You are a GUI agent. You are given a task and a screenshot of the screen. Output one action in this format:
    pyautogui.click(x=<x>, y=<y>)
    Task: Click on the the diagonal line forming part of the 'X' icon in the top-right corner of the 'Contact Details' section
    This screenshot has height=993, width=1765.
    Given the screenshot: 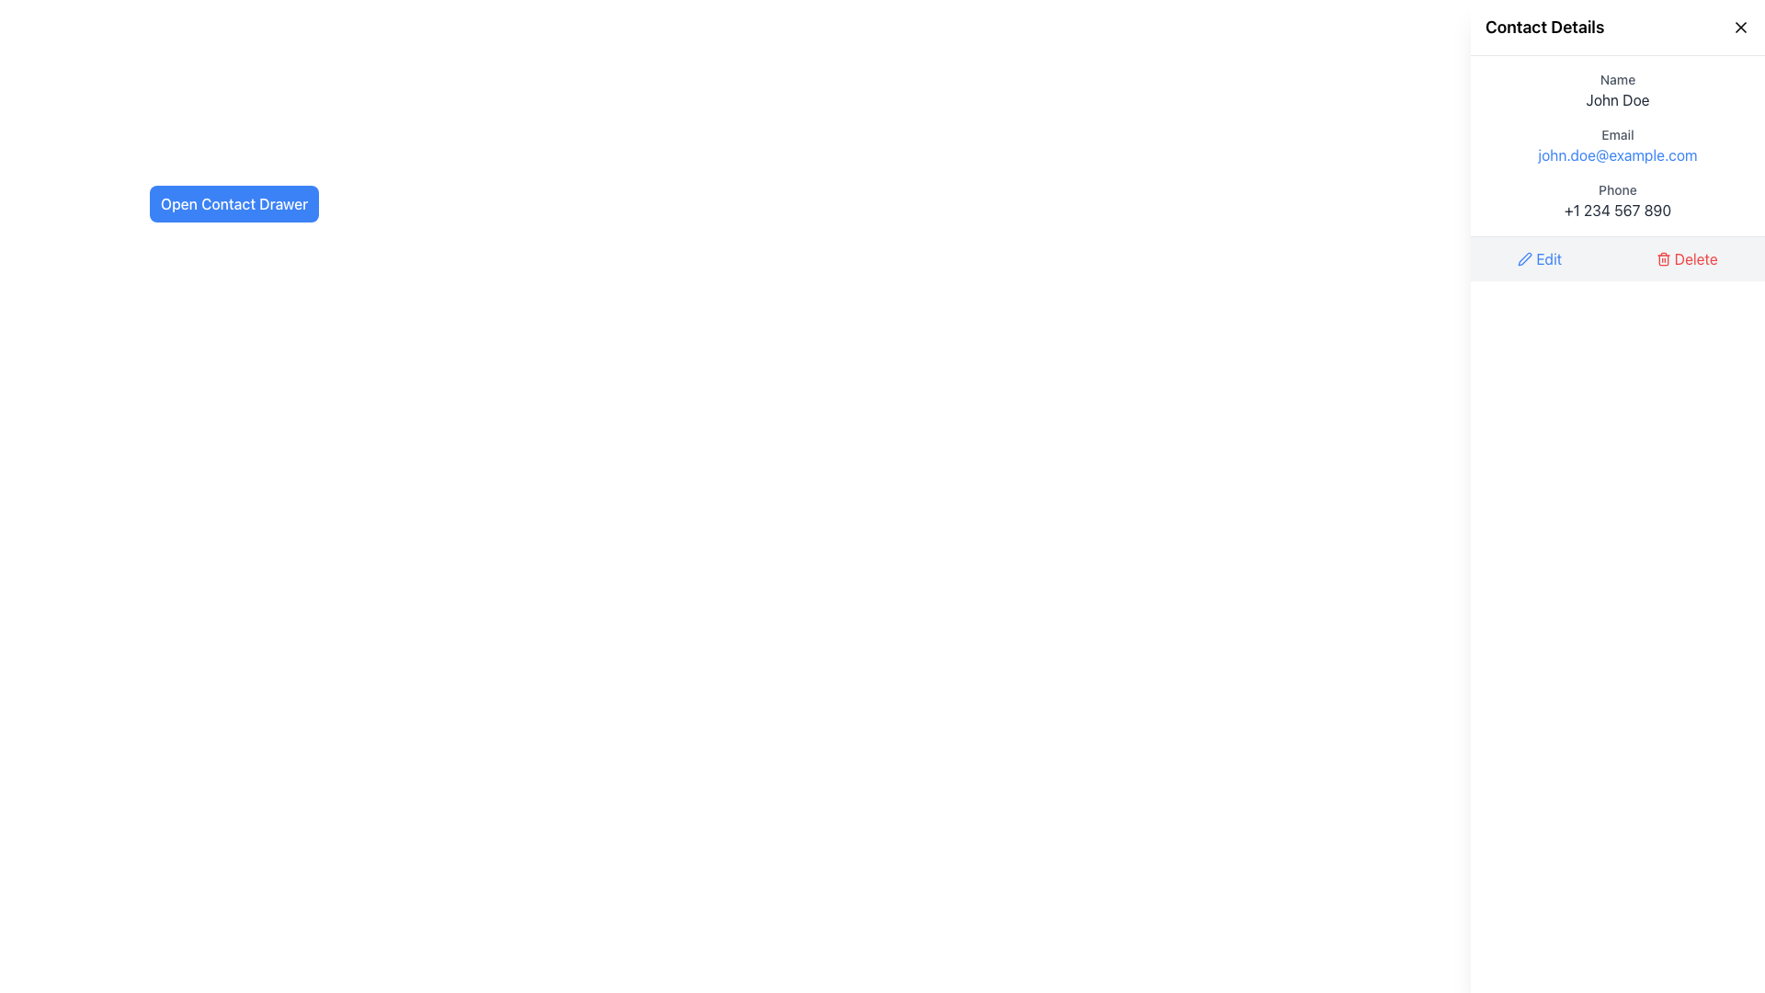 What is the action you would take?
    pyautogui.click(x=1740, y=28)
    